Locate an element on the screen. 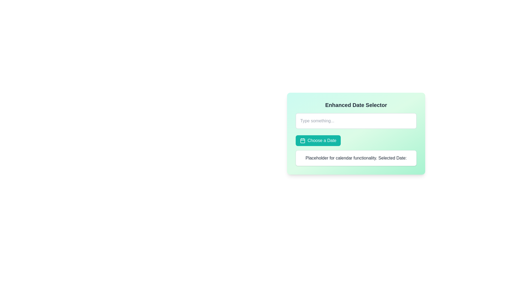  the 'Choose a Date' button which contains the teal-colored calendar SVG icon on the left side of the text label is located at coordinates (303, 140).